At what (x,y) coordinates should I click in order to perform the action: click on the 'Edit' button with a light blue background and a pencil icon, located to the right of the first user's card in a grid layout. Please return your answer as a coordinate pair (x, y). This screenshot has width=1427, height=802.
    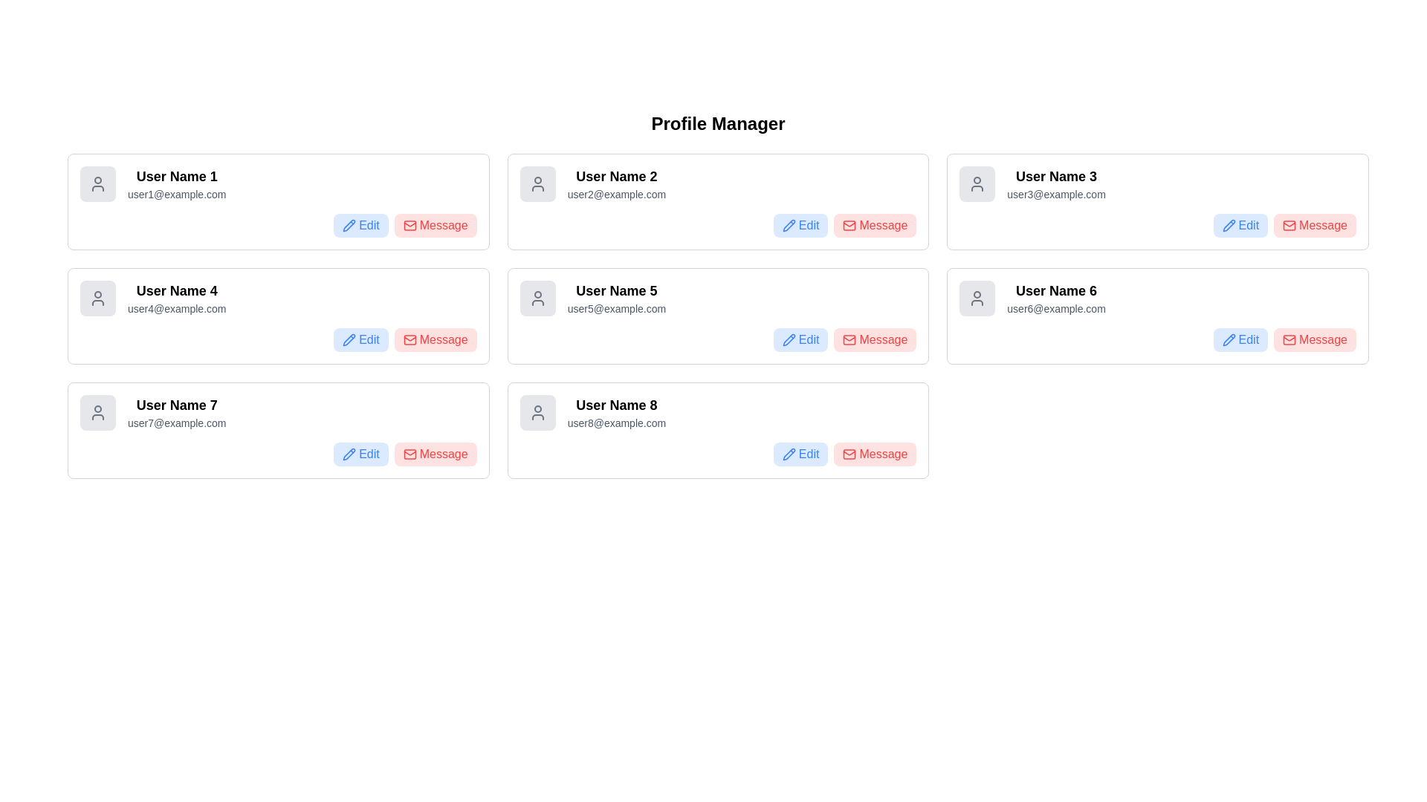
    Looking at the image, I should click on (360, 226).